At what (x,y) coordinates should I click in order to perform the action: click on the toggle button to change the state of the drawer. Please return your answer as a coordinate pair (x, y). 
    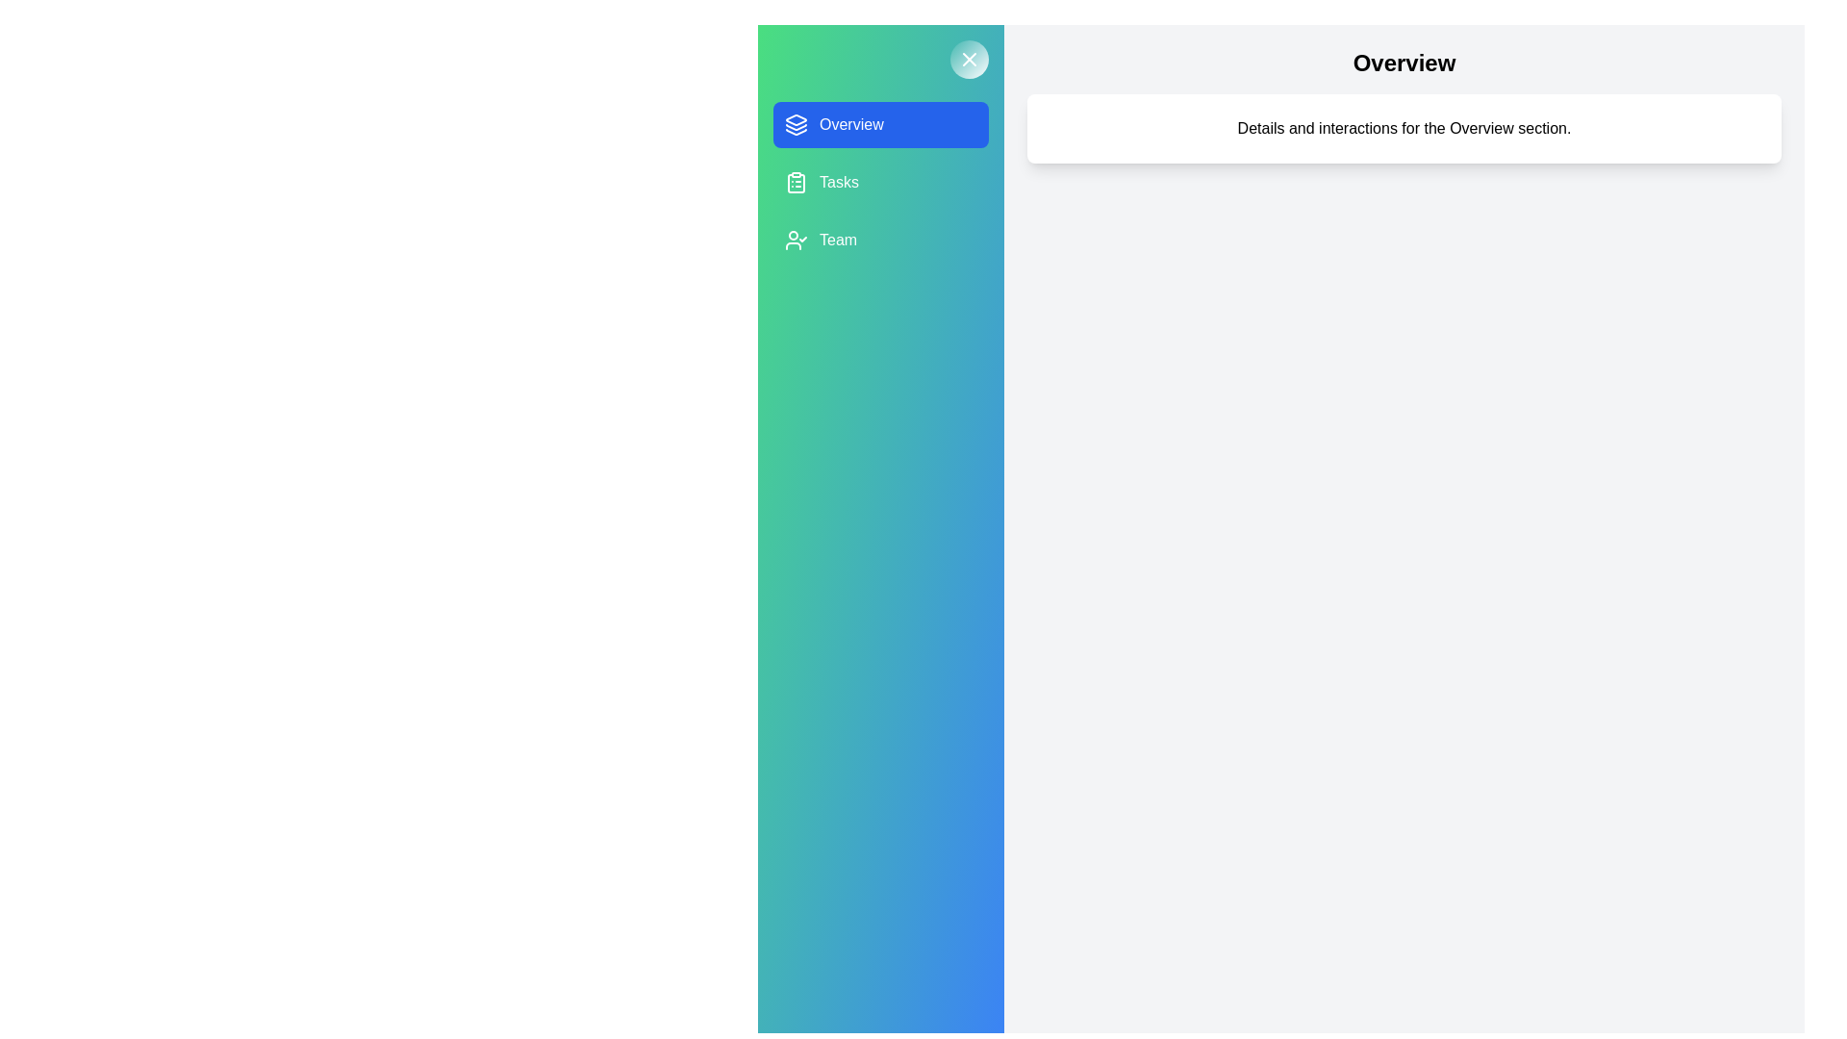
    Looking at the image, I should click on (970, 58).